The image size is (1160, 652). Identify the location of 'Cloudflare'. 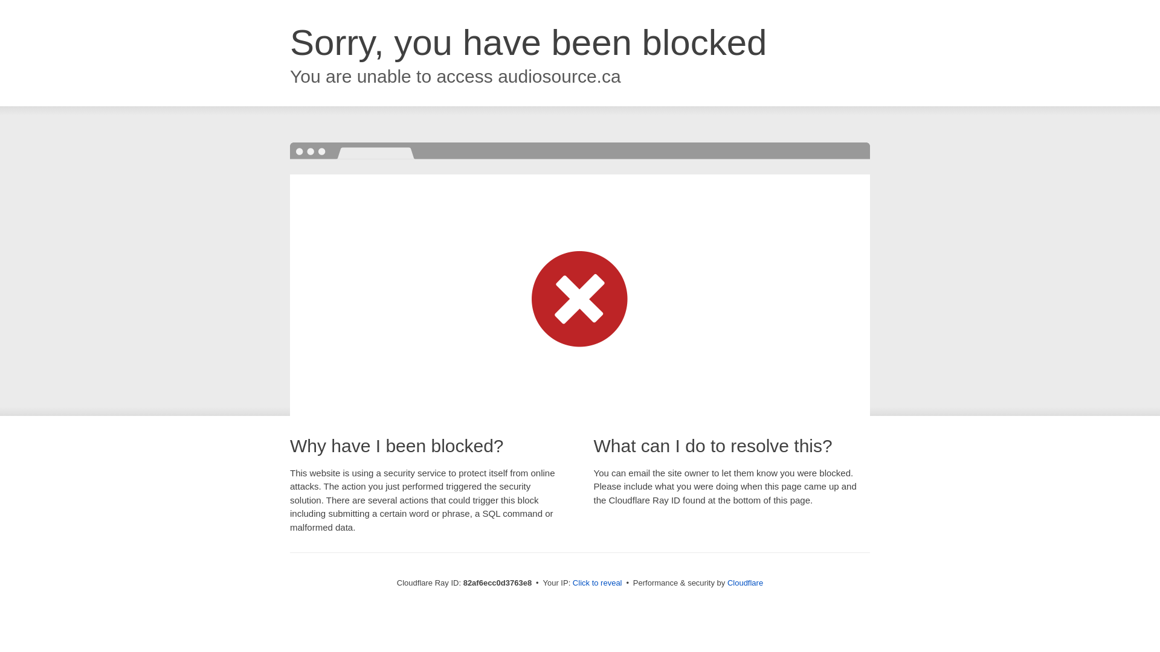
(744, 582).